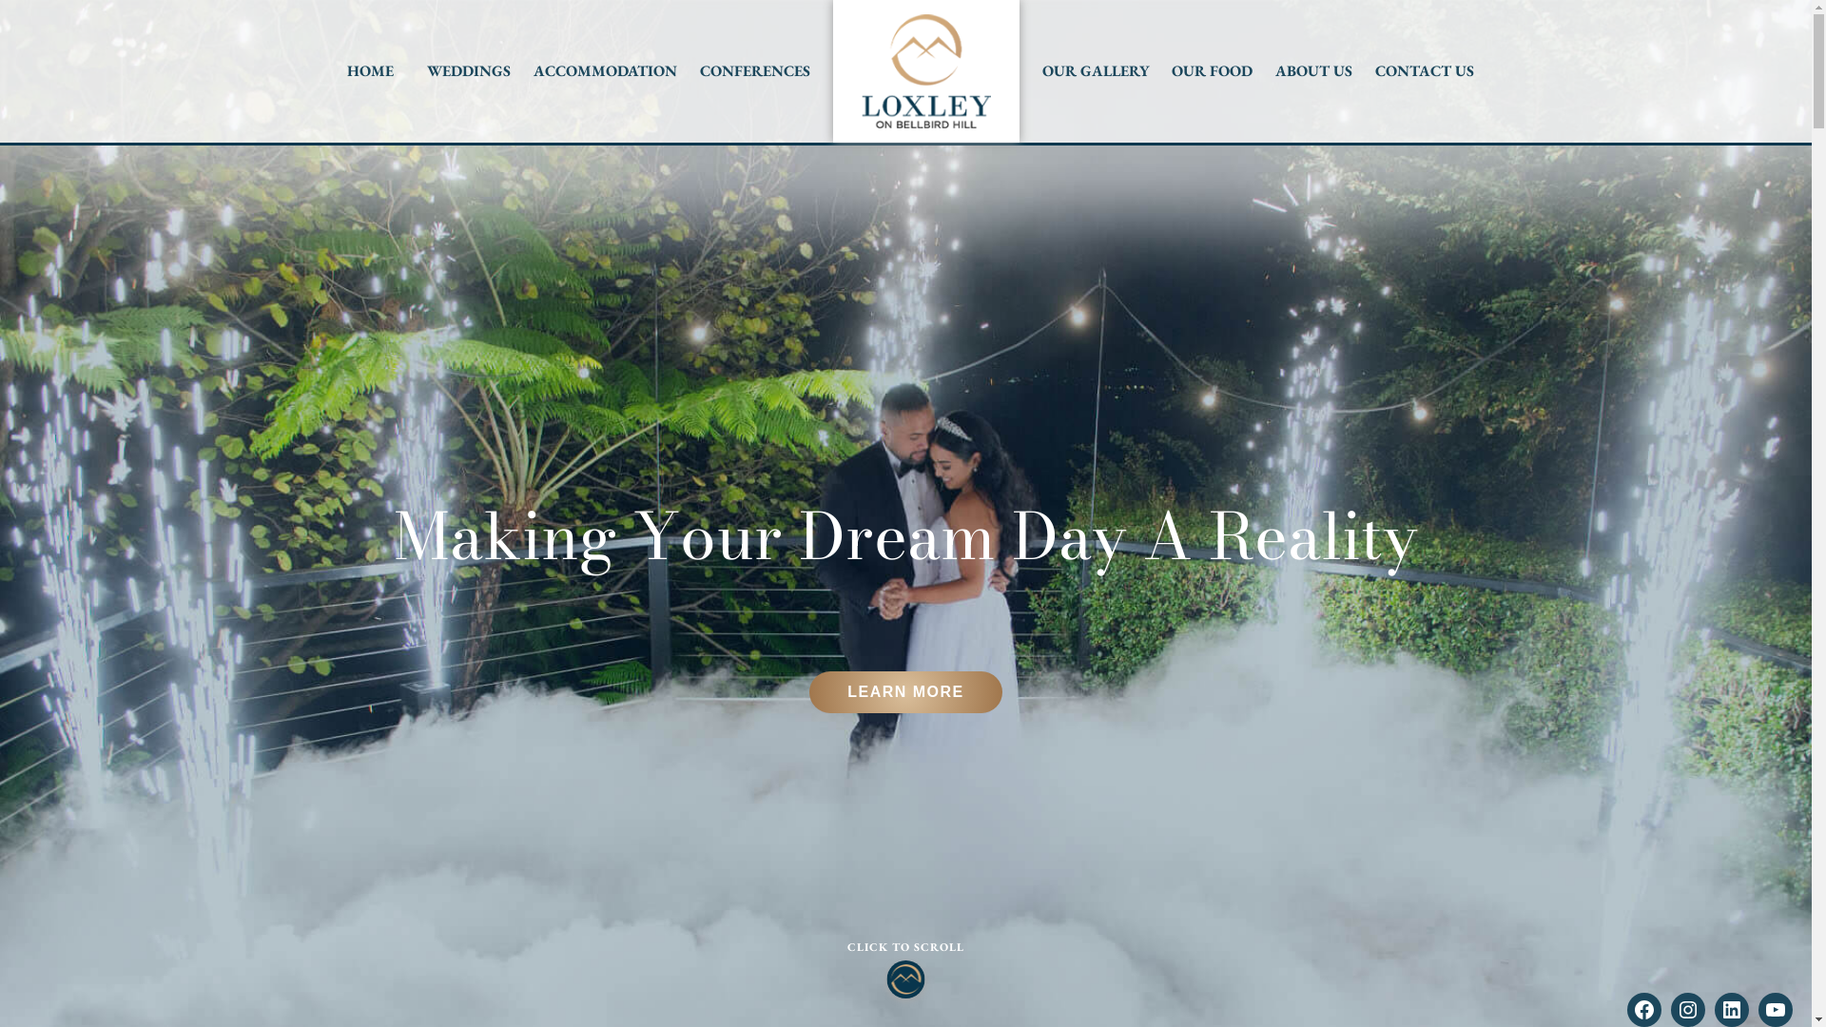 This screenshot has width=1826, height=1027. What do you see at coordinates (1211, 69) in the screenshot?
I see `'OUR FOOD'` at bounding box center [1211, 69].